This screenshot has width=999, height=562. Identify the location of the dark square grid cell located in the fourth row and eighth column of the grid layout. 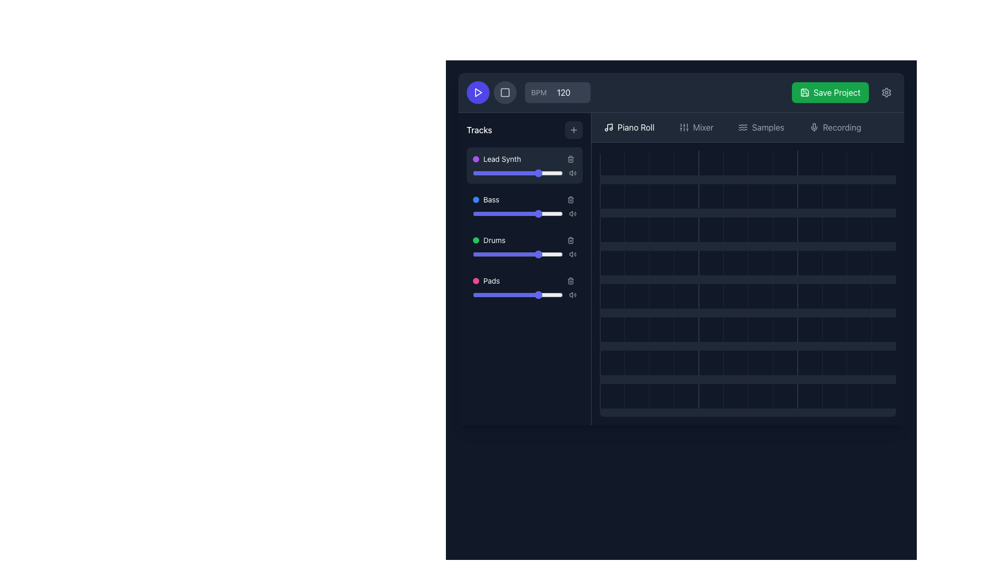
(785, 196).